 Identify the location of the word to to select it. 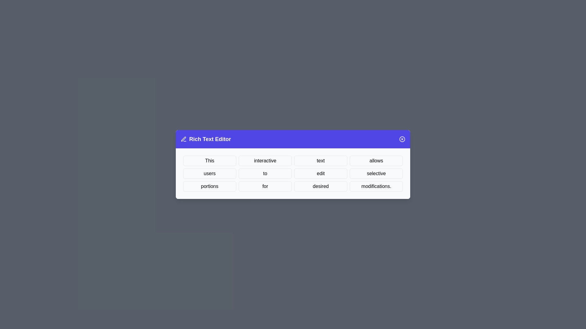
(265, 174).